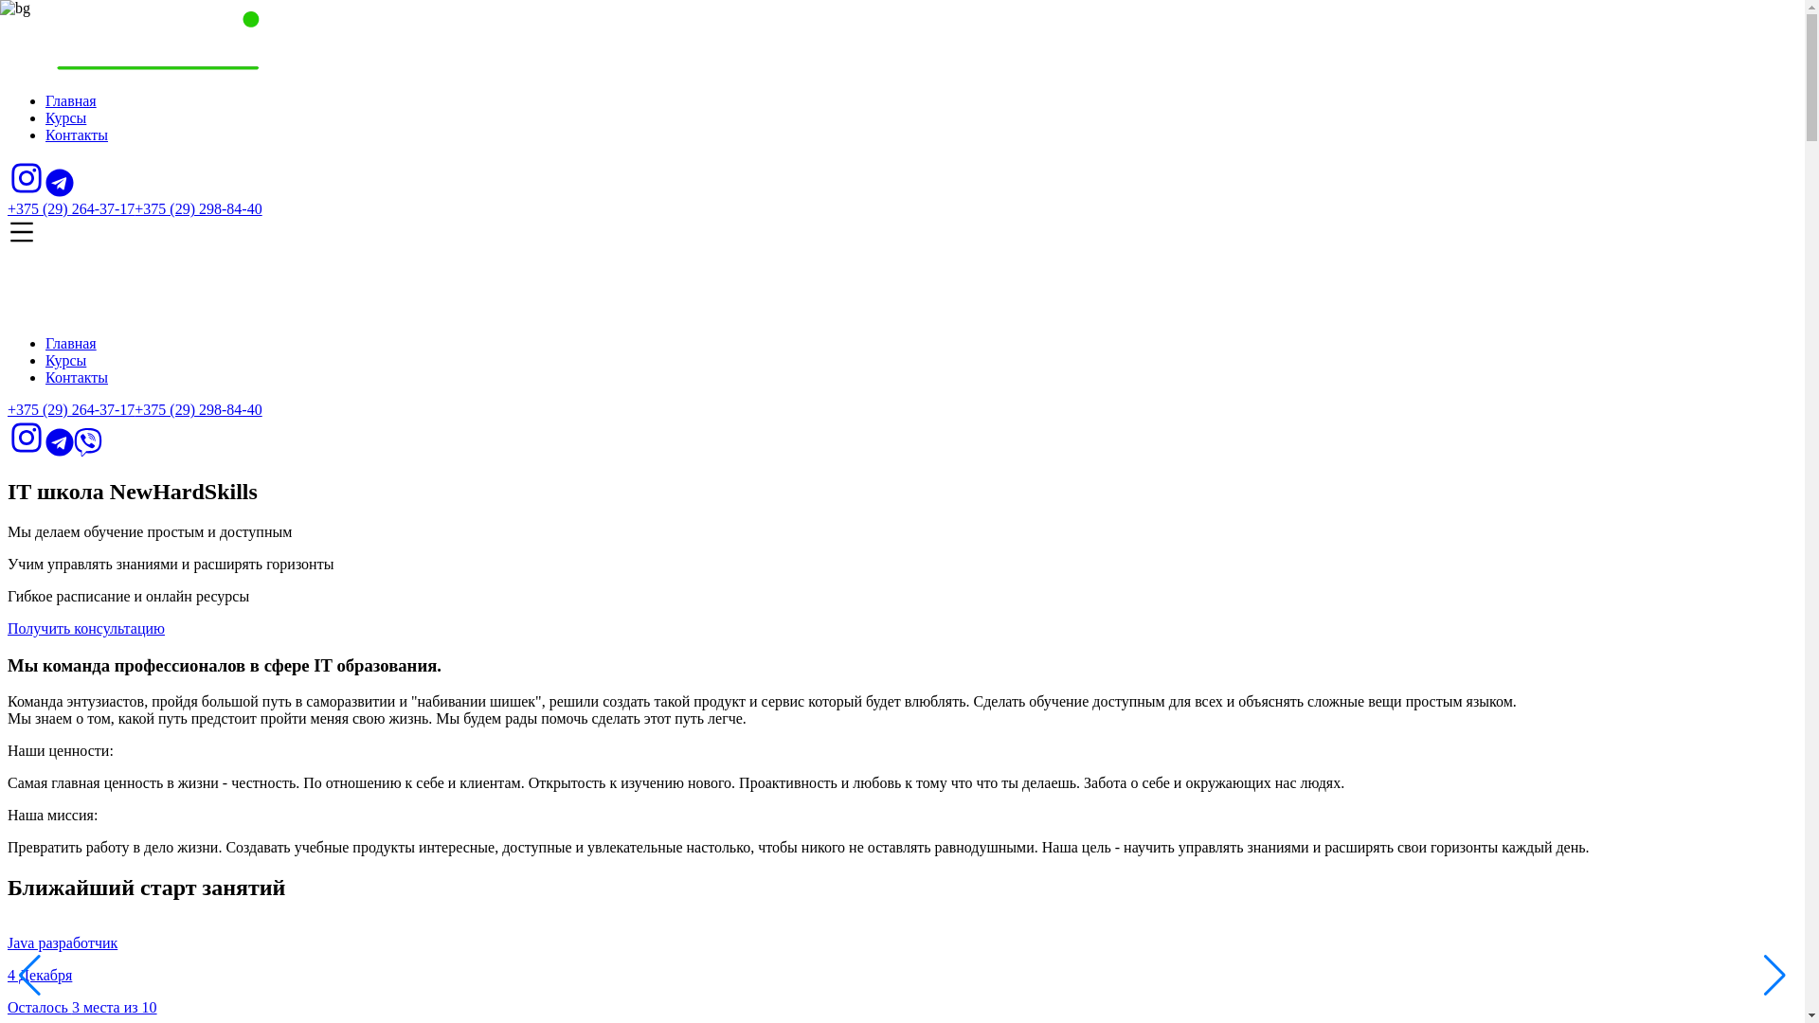 The width and height of the screenshot is (1819, 1023). I want to click on '+375 (29) 264-37-17', so click(71, 408).